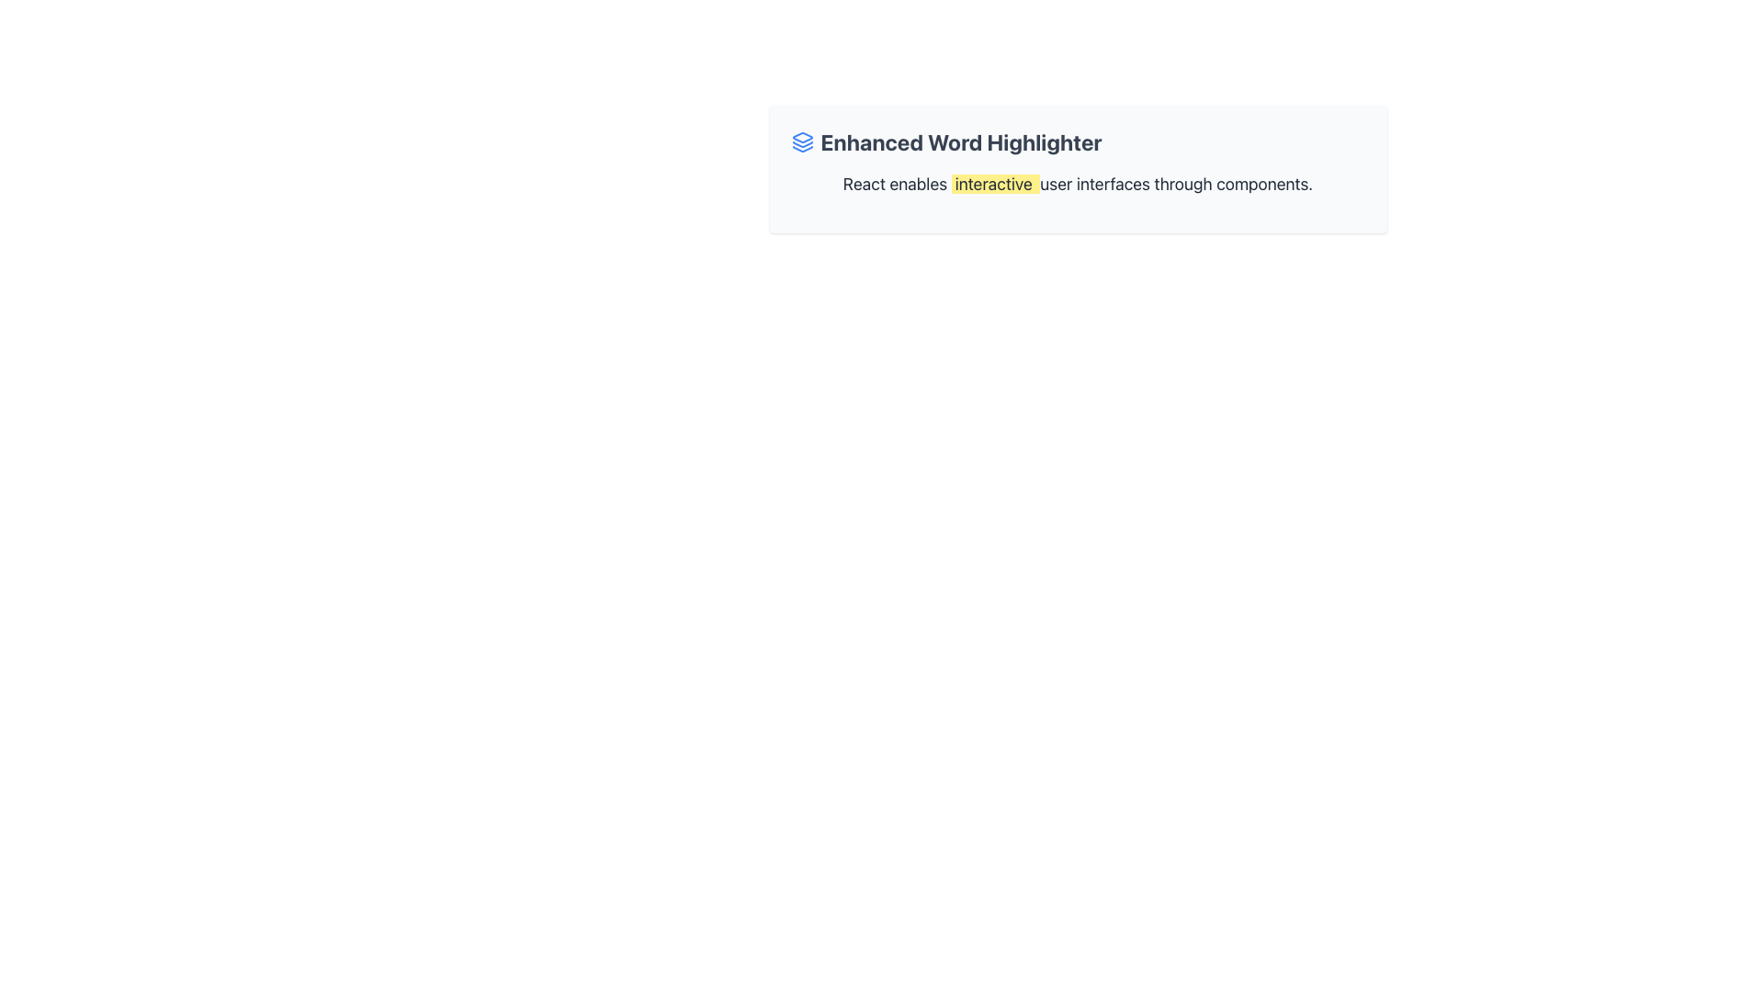  I want to click on the icon associated with the 'Enhanced Word Highlighter' header, which is located to the left of the header text and aligns vertically with its center, so click(802, 141).